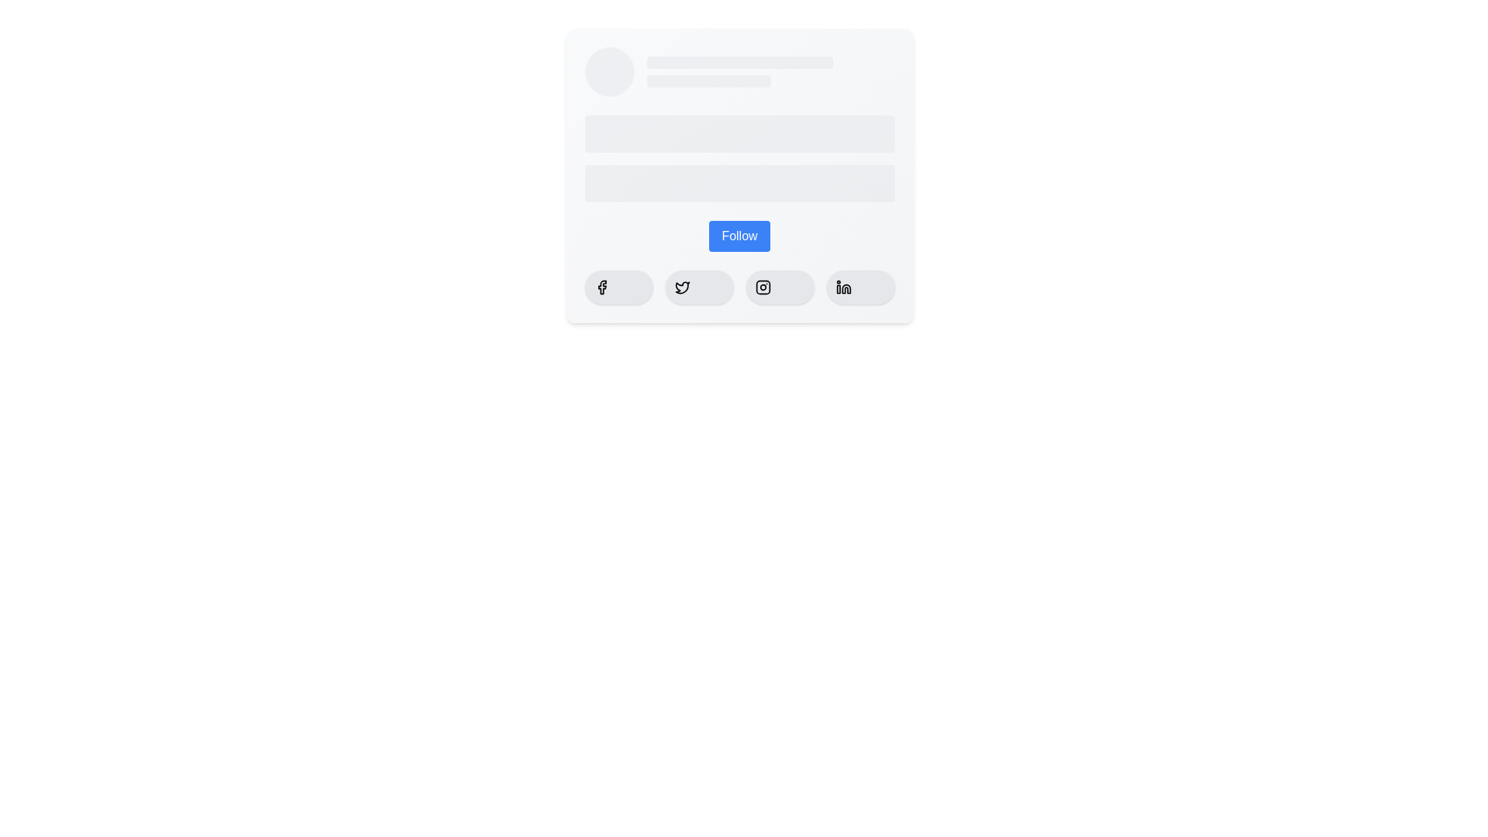  I want to click on the LinkedIn icon button located in the bottom right section of the social media icons, so click(842, 287).